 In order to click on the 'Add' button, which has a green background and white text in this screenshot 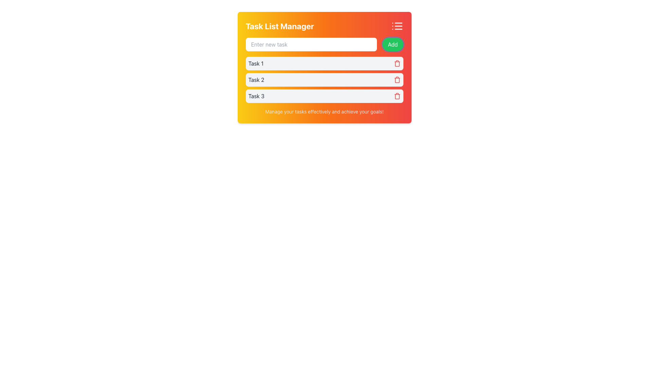, I will do `click(393, 45)`.